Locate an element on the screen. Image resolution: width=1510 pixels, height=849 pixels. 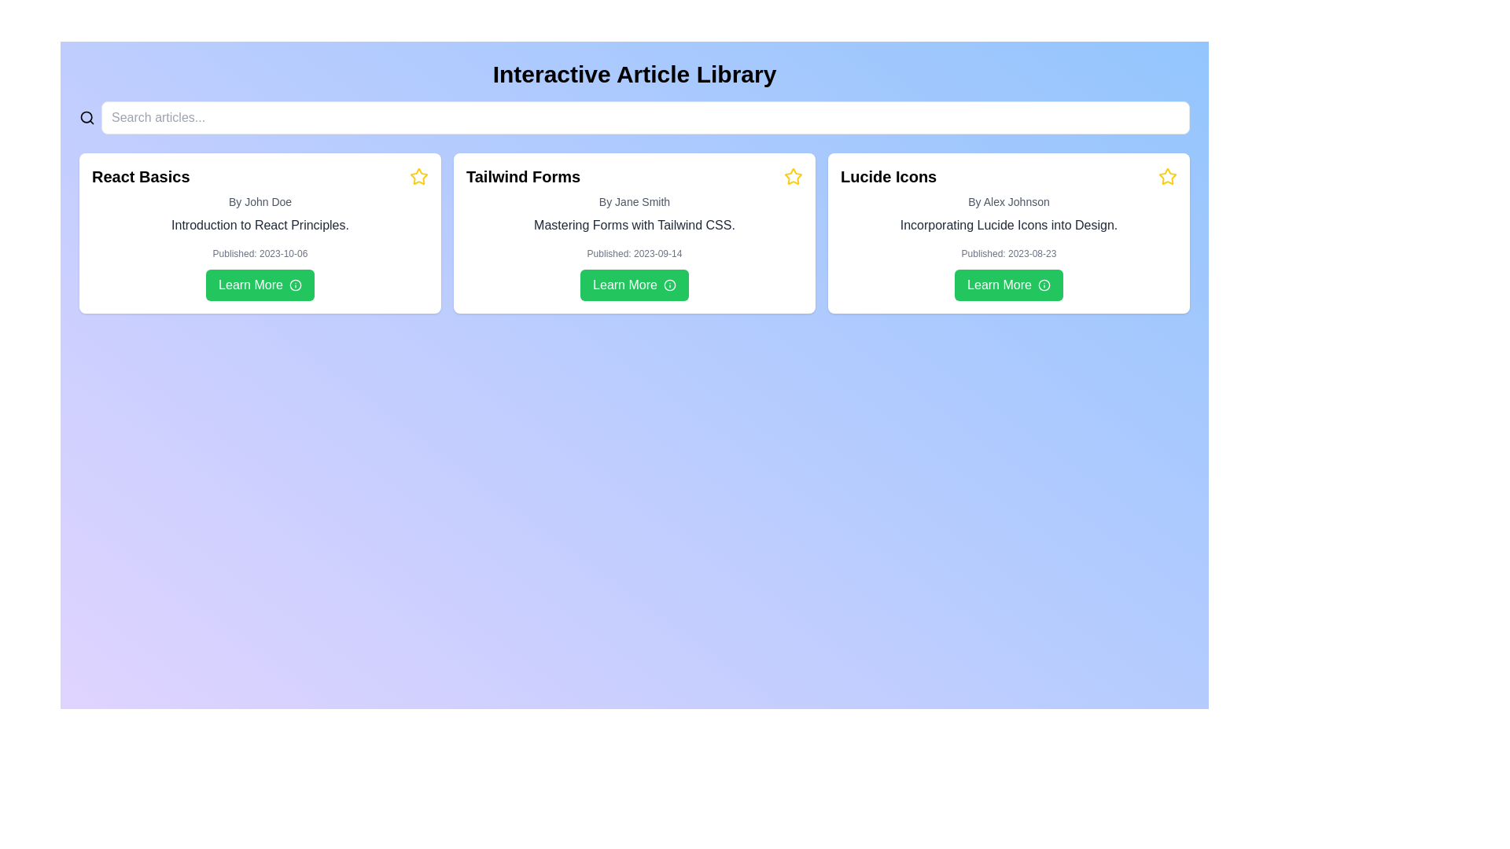
the 'Learn More' button, which is a rectangular button with a white font on a green background and an information icon, located at the bottom center of the middle content card is located at coordinates (634, 285).